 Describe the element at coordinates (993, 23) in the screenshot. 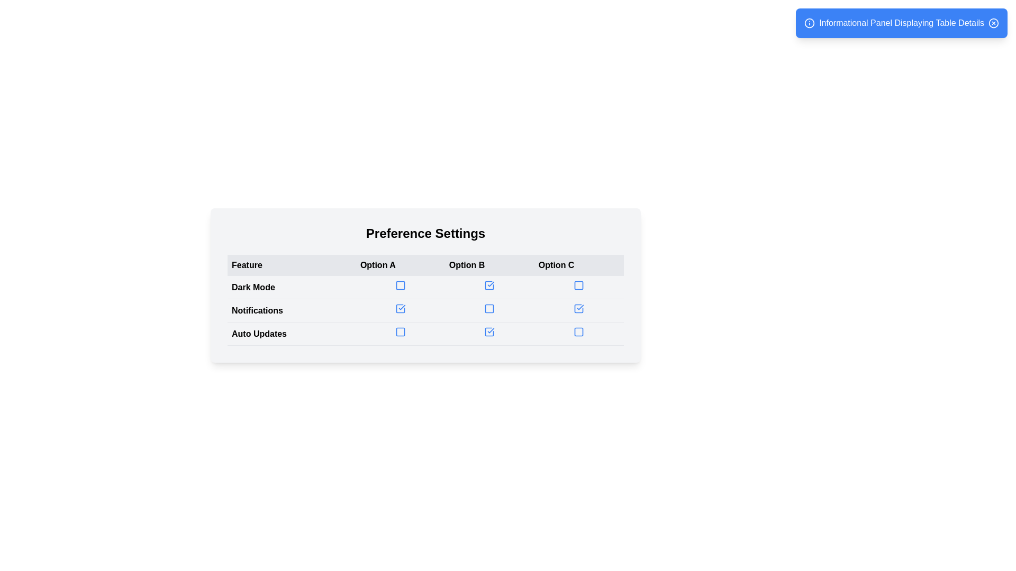

I see `the circular graphical element within the SVG icon located in the top-right corner of the blue rectangular section labeled 'Informational Panel Displaying Table Details' to interact with the close operation` at that location.